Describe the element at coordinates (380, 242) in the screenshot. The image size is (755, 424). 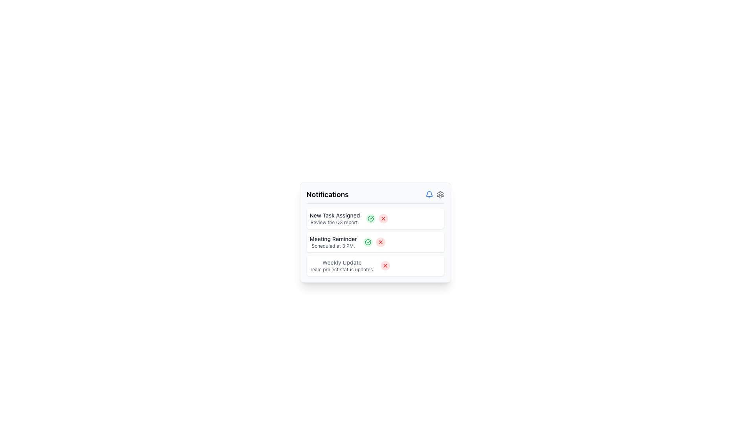
I see `the delete button located to the far right of the 'Meeting Reminder' notification in the notifications list` at that location.